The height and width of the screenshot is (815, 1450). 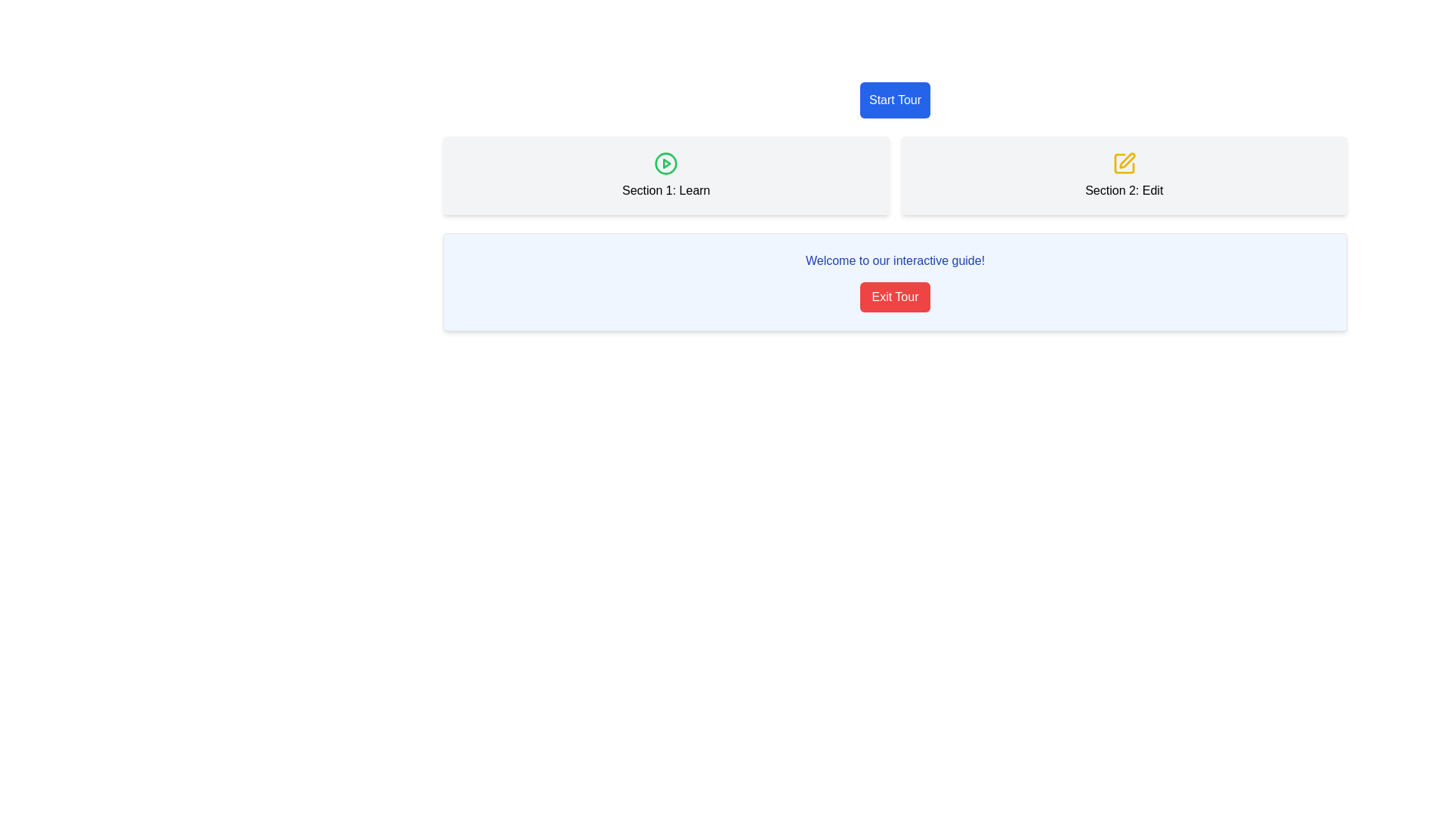 What do you see at coordinates (1124, 163) in the screenshot?
I see `the yellow square icon with a pen symbol inside, located within the light gray card labeled 'Section 2: Edit'` at bounding box center [1124, 163].